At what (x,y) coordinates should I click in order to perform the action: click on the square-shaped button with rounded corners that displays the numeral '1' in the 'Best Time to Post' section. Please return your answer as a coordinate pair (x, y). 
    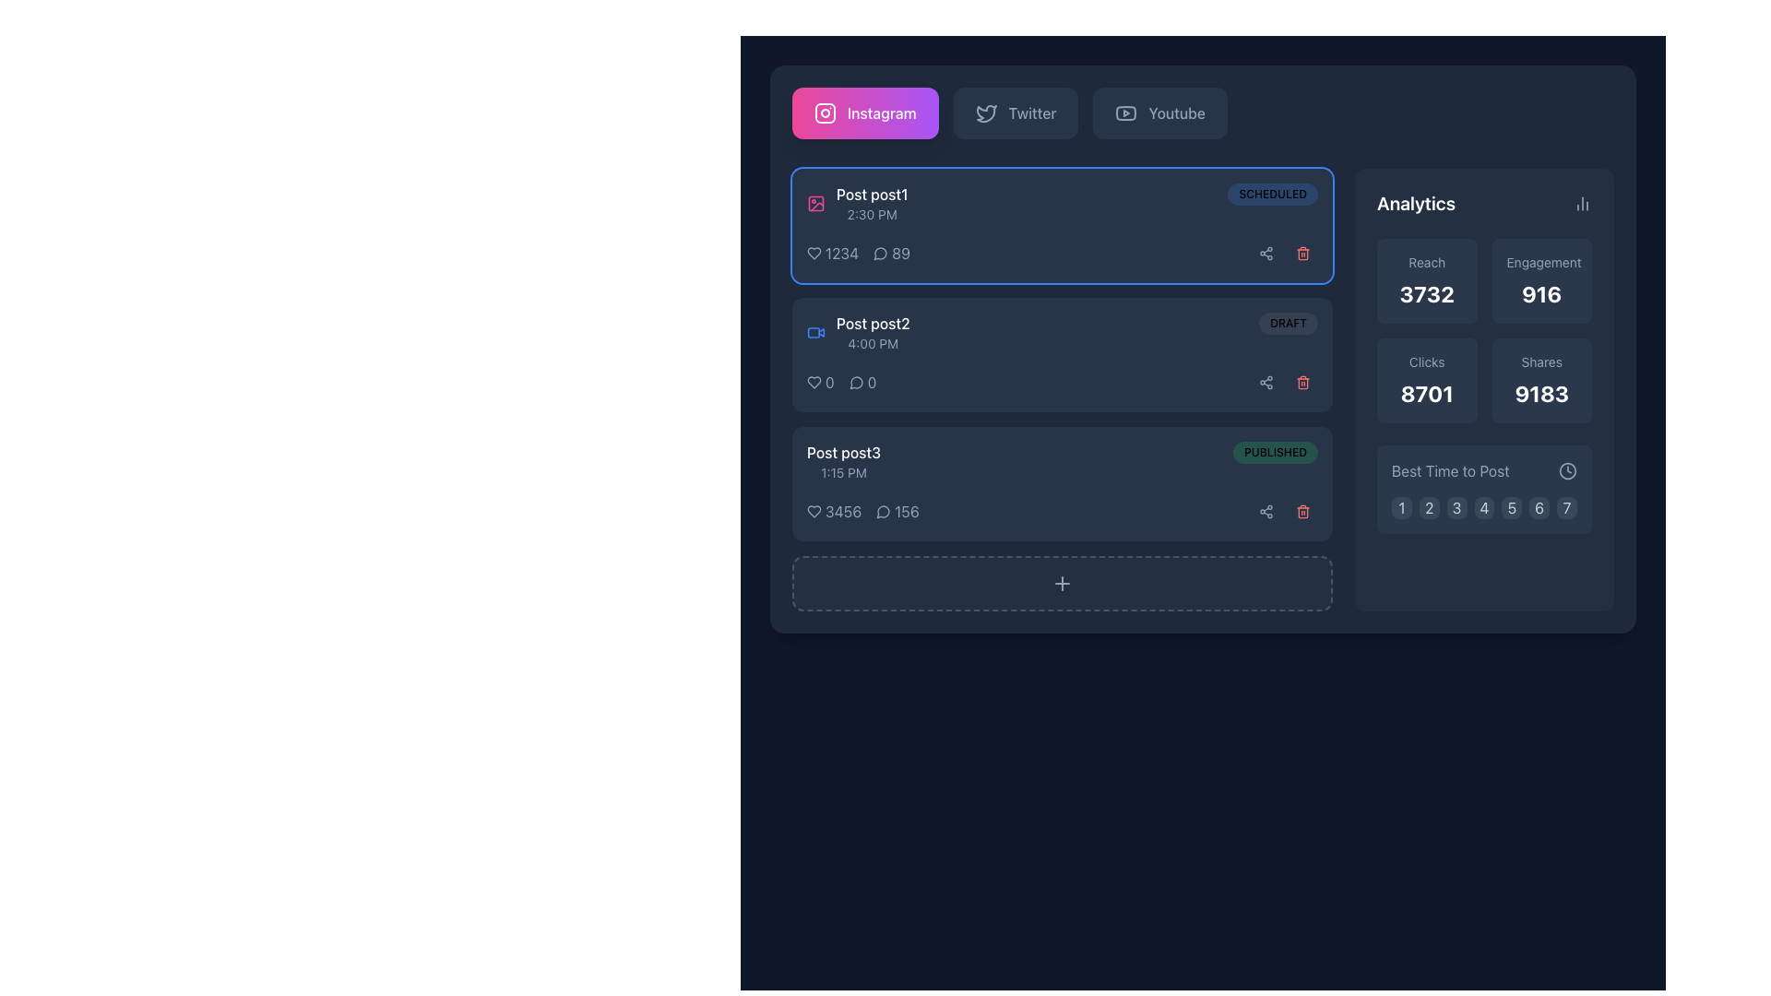
    Looking at the image, I should click on (1401, 508).